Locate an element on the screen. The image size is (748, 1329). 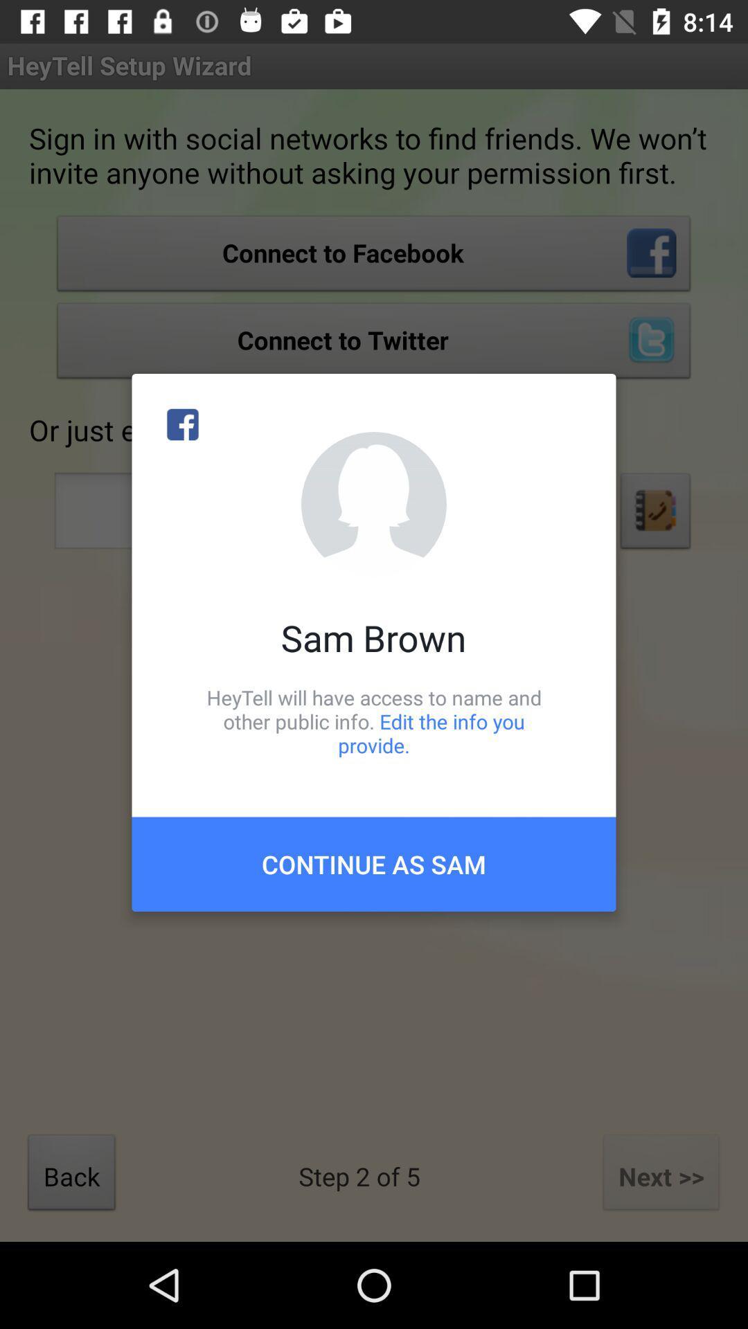
continue as sam item is located at coordinates (374, 863).